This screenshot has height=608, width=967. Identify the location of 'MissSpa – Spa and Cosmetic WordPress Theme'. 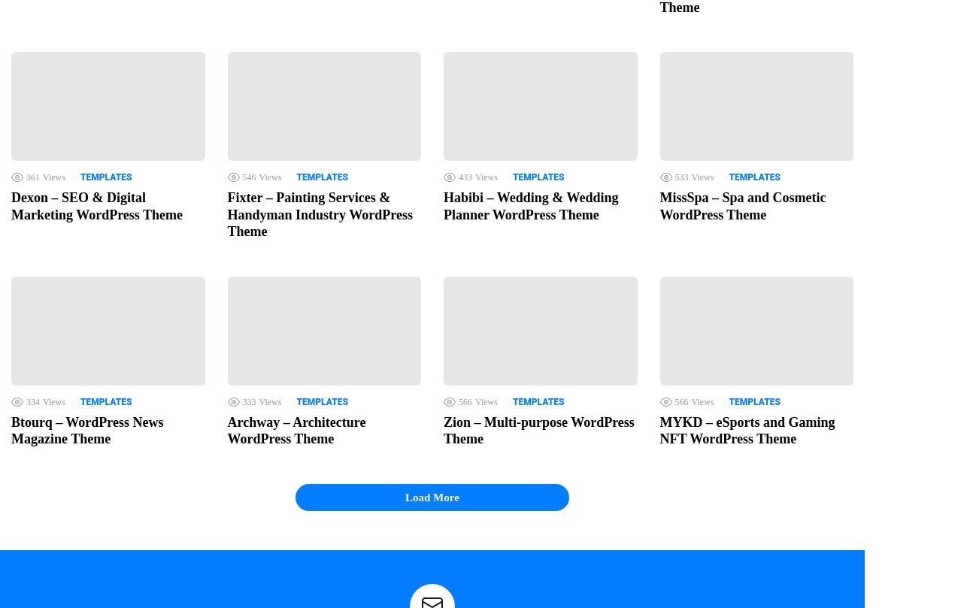
(741, 206).